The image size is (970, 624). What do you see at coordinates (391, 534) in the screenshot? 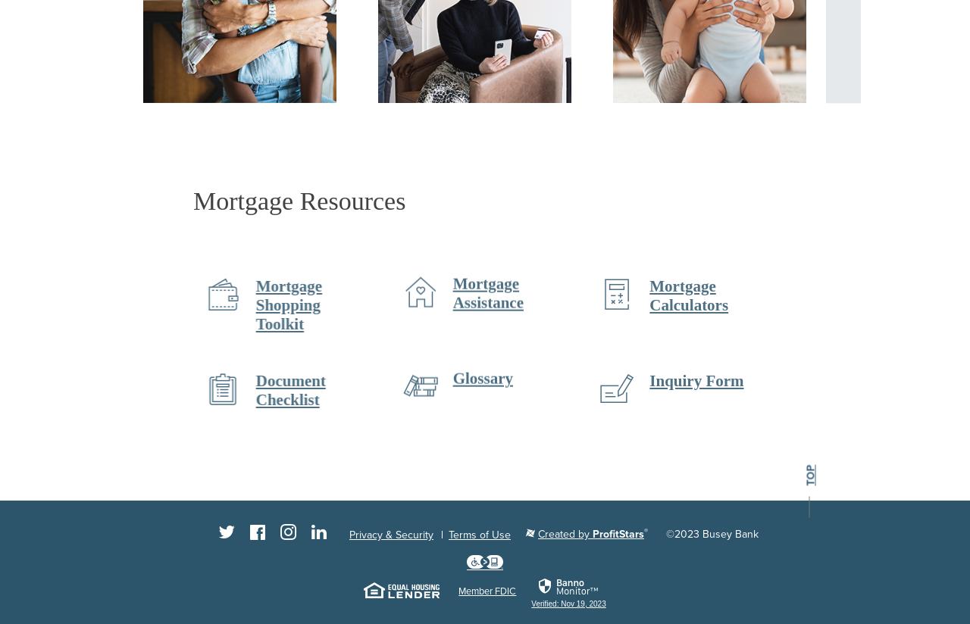
I see `'Privacy & Security'` at bounding box center [391, 534].